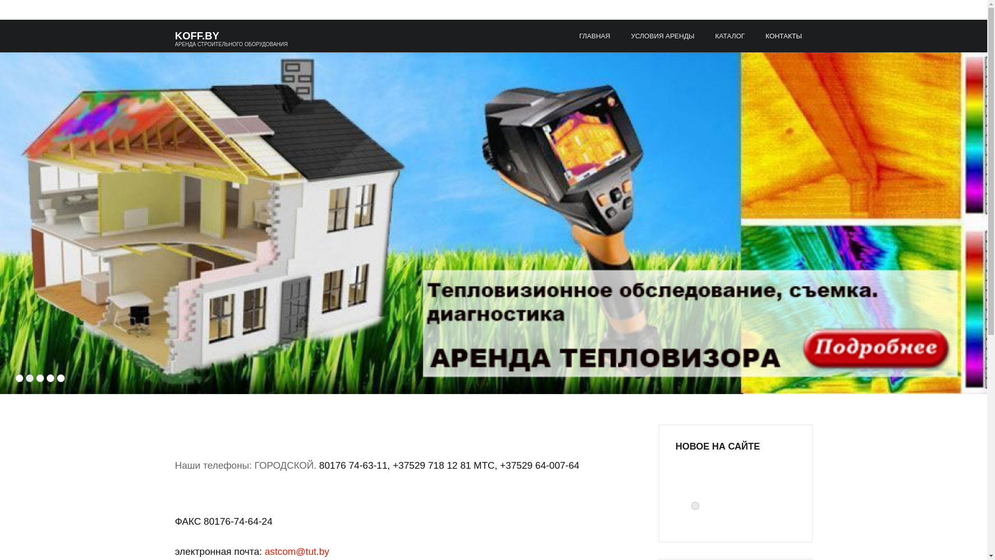  What do you see at coordinates (296, 551) in the screenshot?
I see `'astcom@tut.by'` at bounding box center [296, 551].